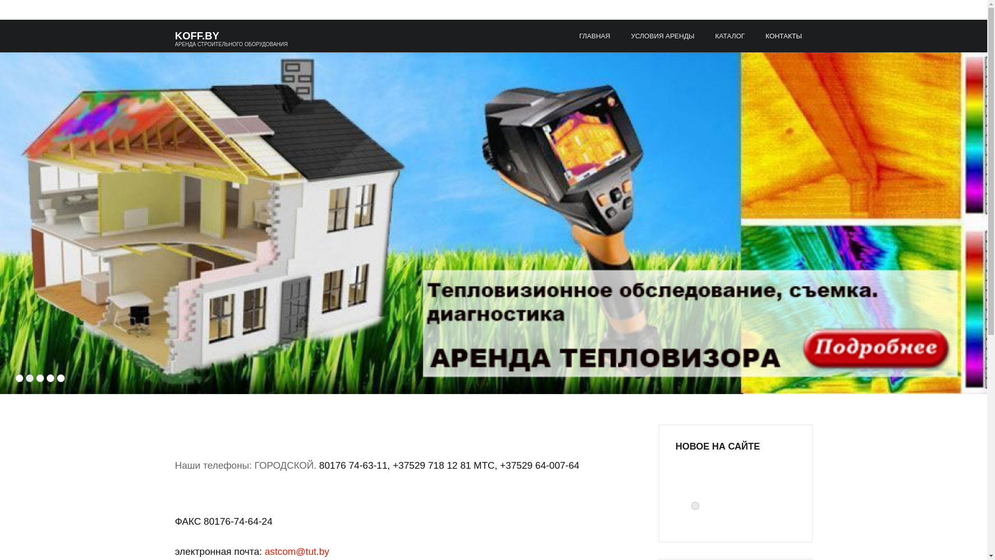  What do you see at coordinates (296, 551) in the screenshot?
I see `'astcom@tut.by'` at bounding box center [296, 551].